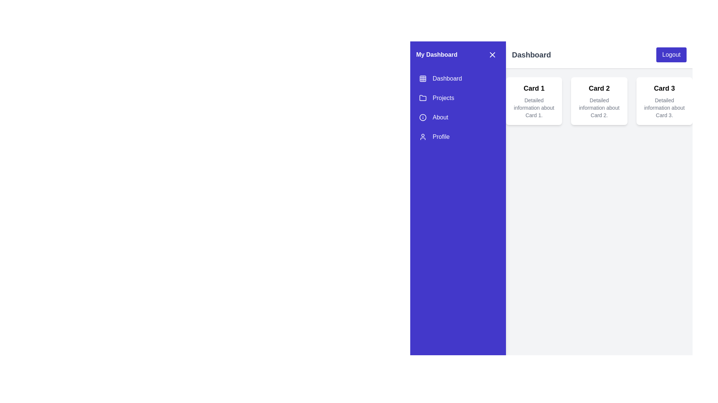 Image resolution: width=718 pixels, height=403 pixels. I want to click on the user silhouette icon located to the left of the 'Profile' text in the vertical navigation menu, so click(423, 137).